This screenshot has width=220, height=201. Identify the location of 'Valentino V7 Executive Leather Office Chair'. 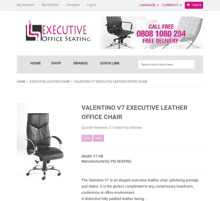
(110, 81).